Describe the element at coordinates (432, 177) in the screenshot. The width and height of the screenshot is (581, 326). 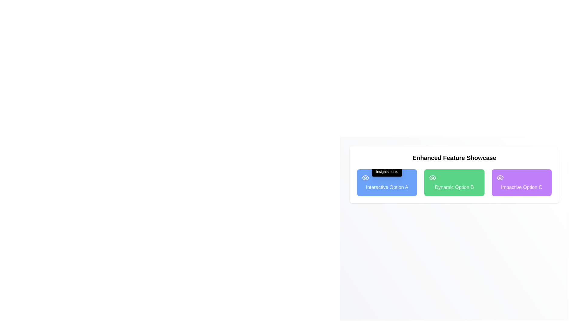
I see `the graphical icon representing 'view' or 'visibility' located inside the green button labeled 'Dynamic Option B', which is the leftmost component in a group of icons` at that location.